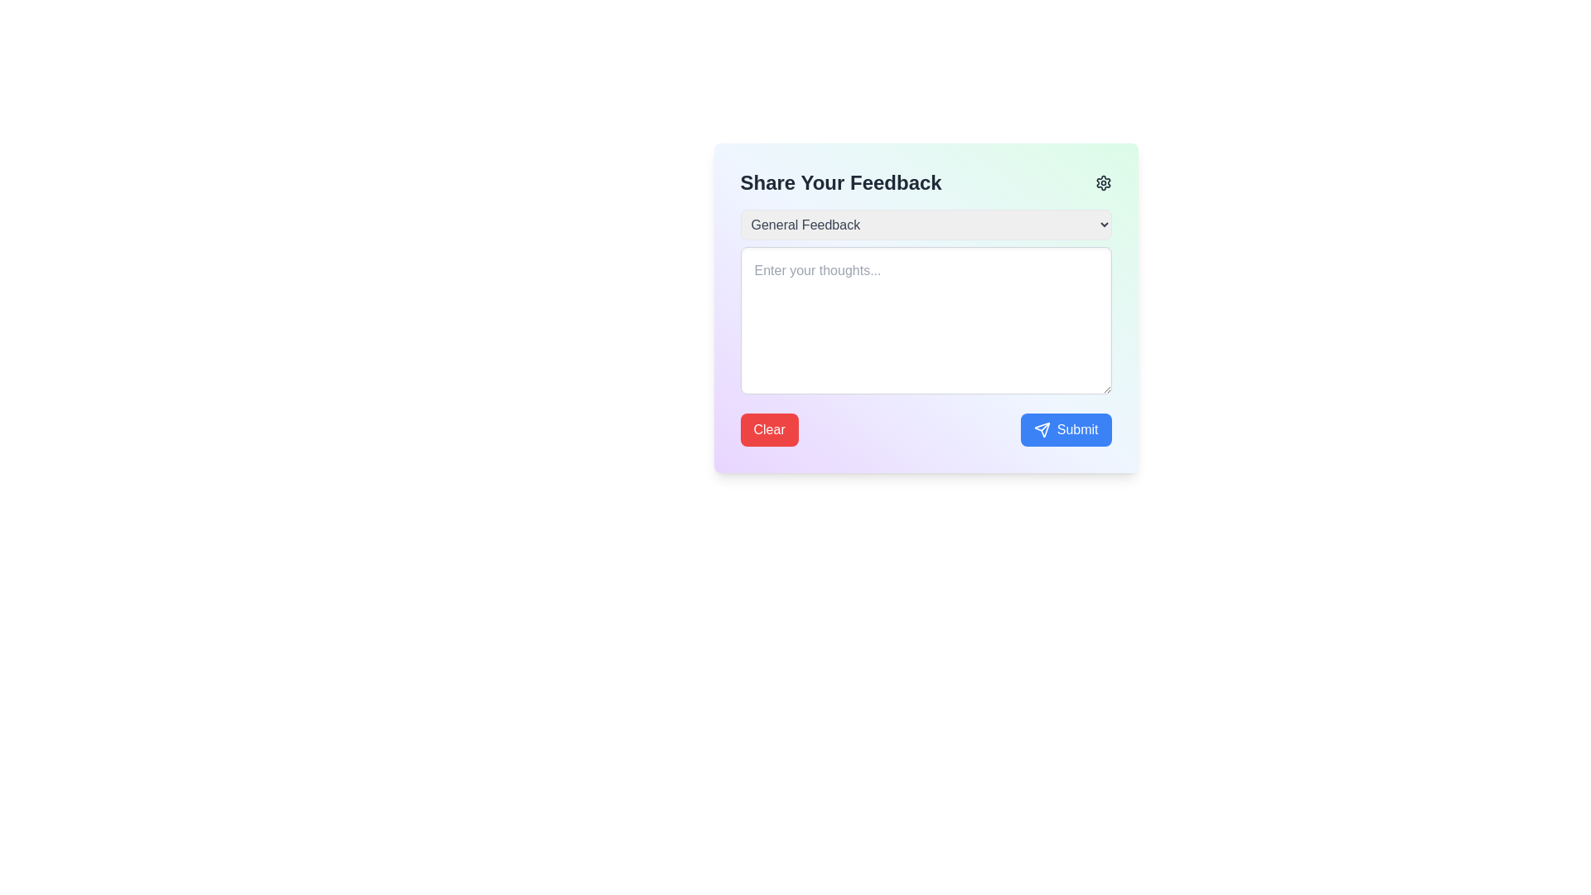 The width and height of the screenshot is (1591, 895). Describe the element at coordinates (1041, 429) in the screenshot. I see `the paper plane icon inside the blue 'Submit' button located at the bottom-right corner of the form interface` at that location.